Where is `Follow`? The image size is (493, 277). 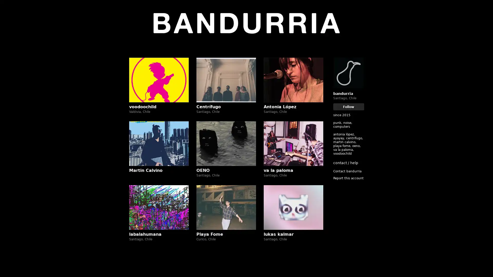
Follow is located at coordinates (348, 106).